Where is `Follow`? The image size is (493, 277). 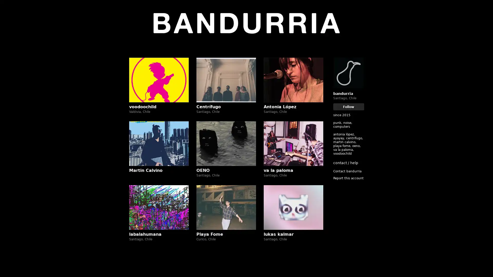
Follow is located at coordinates (348, 106).